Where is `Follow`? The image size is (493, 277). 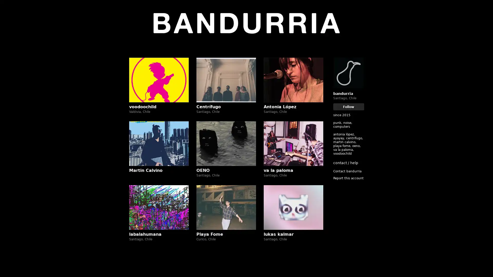
Follow is located at coordinates (348, 106).